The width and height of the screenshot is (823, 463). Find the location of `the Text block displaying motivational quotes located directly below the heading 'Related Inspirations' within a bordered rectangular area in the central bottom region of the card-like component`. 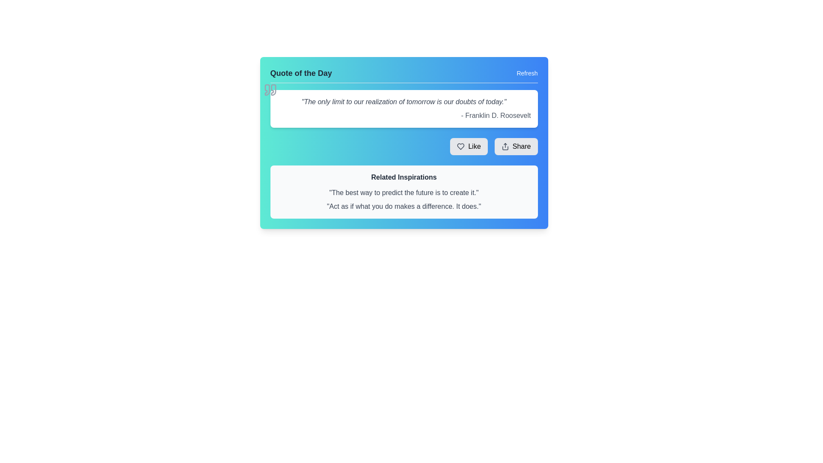

the Text block displaying motivational quotes located directly below the heading 'Related Inspirations' within a bordered rectangular area in the central bottom region of the card-like component is located at coordinates (403, 200).